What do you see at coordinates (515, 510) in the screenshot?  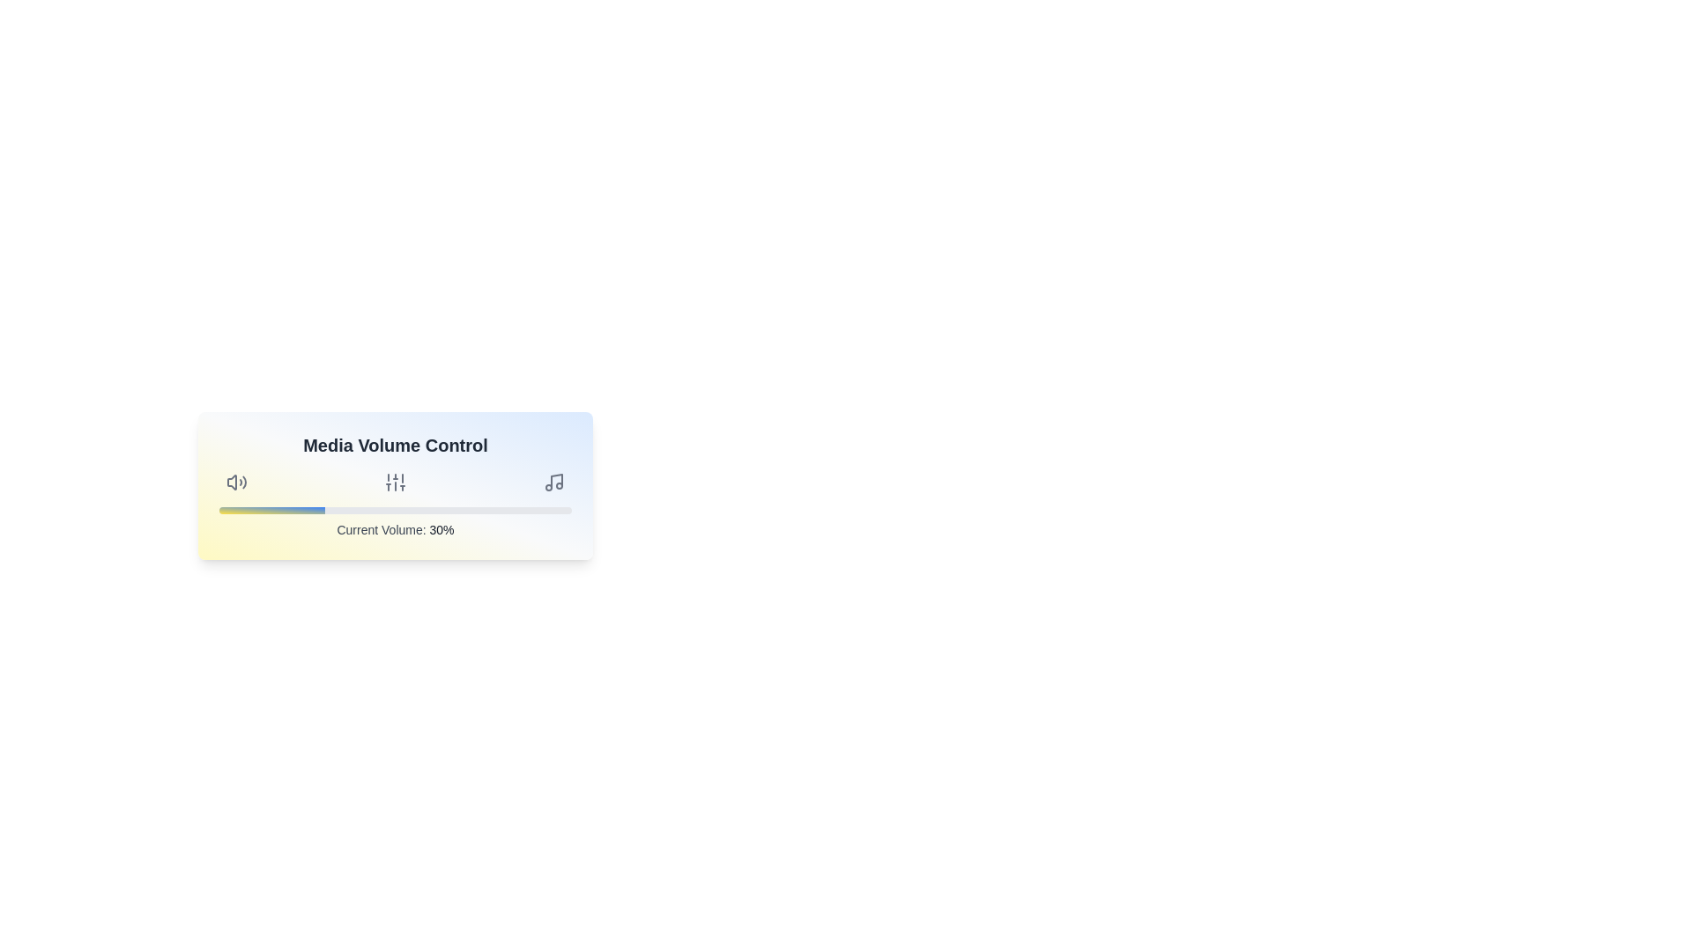 I see `the volume` at bounding box center [515, 510].